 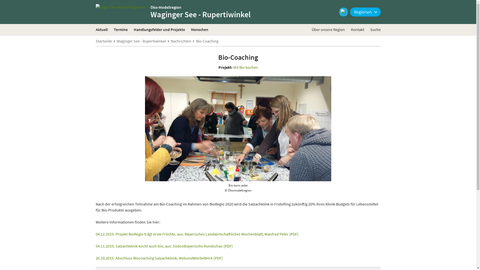 I want to click on 'Nachrichten', so click(x=180, y=41).